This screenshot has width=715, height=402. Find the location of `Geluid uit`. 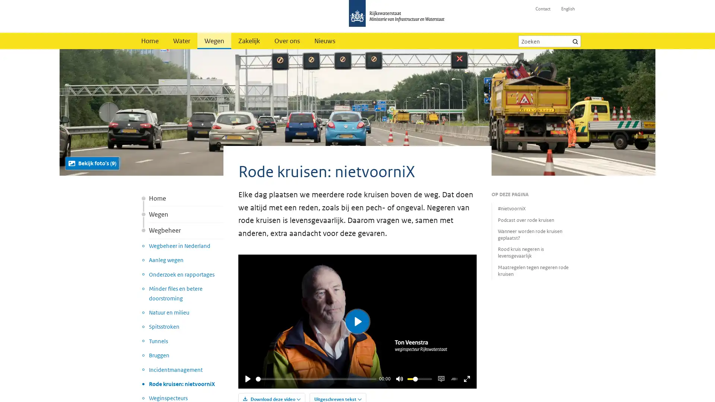

Geluid uit is located at coordinates (398, 379).